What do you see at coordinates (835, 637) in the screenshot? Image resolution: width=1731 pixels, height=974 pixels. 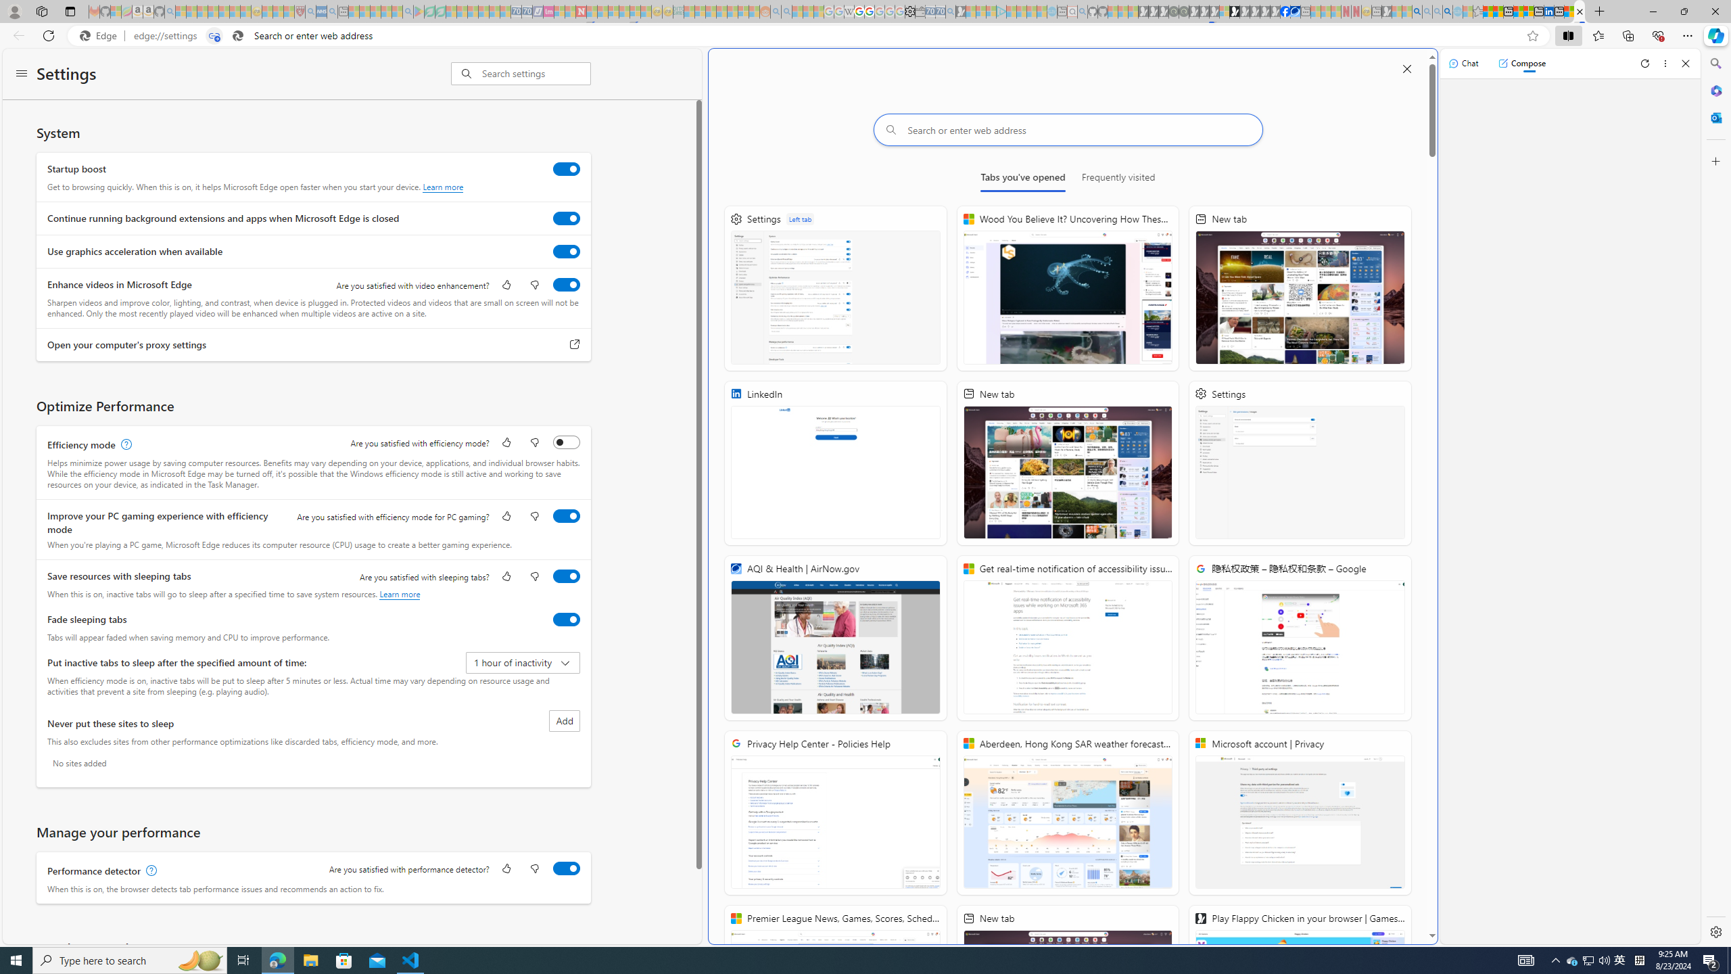 I see `'AQI & Health | AirNow.gov'` at bounding box center [835, 637].